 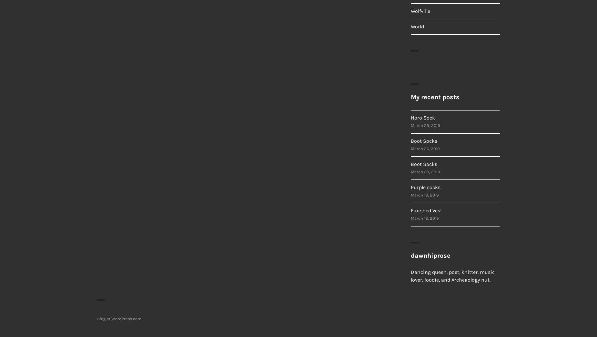 I want to click on 'March 29, 2019', so click(x=425, y=125).